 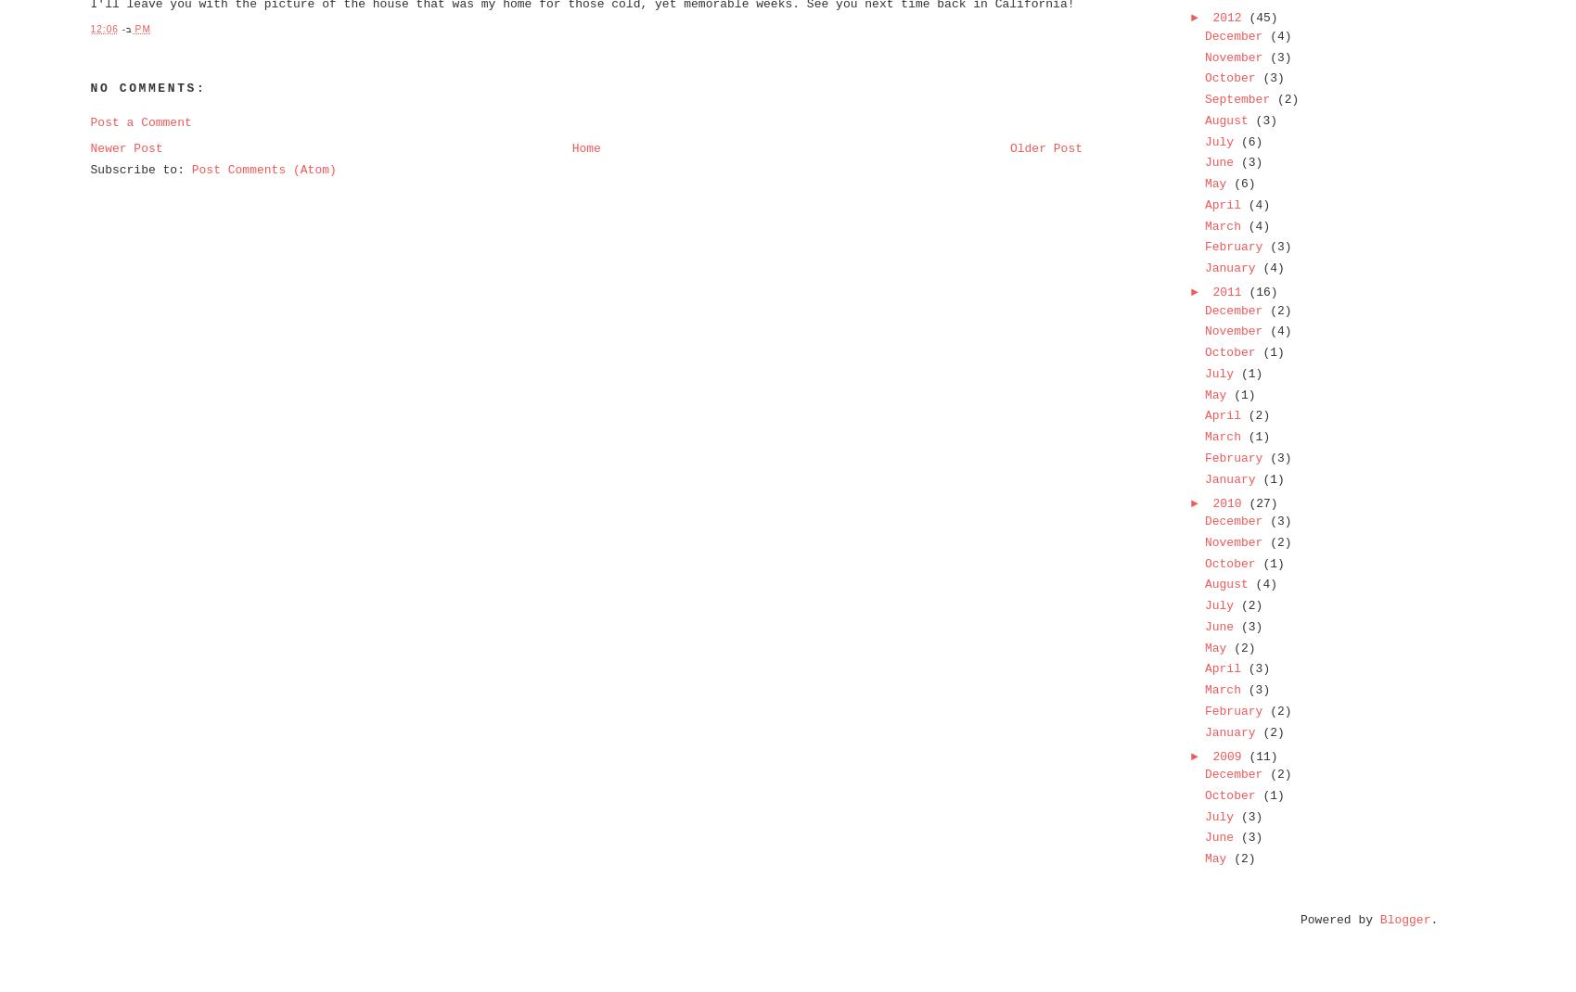 What do you see at coordinates (89, 88) in the screenshot?
I see `'No comments:'` at bounding box center [89, 88].